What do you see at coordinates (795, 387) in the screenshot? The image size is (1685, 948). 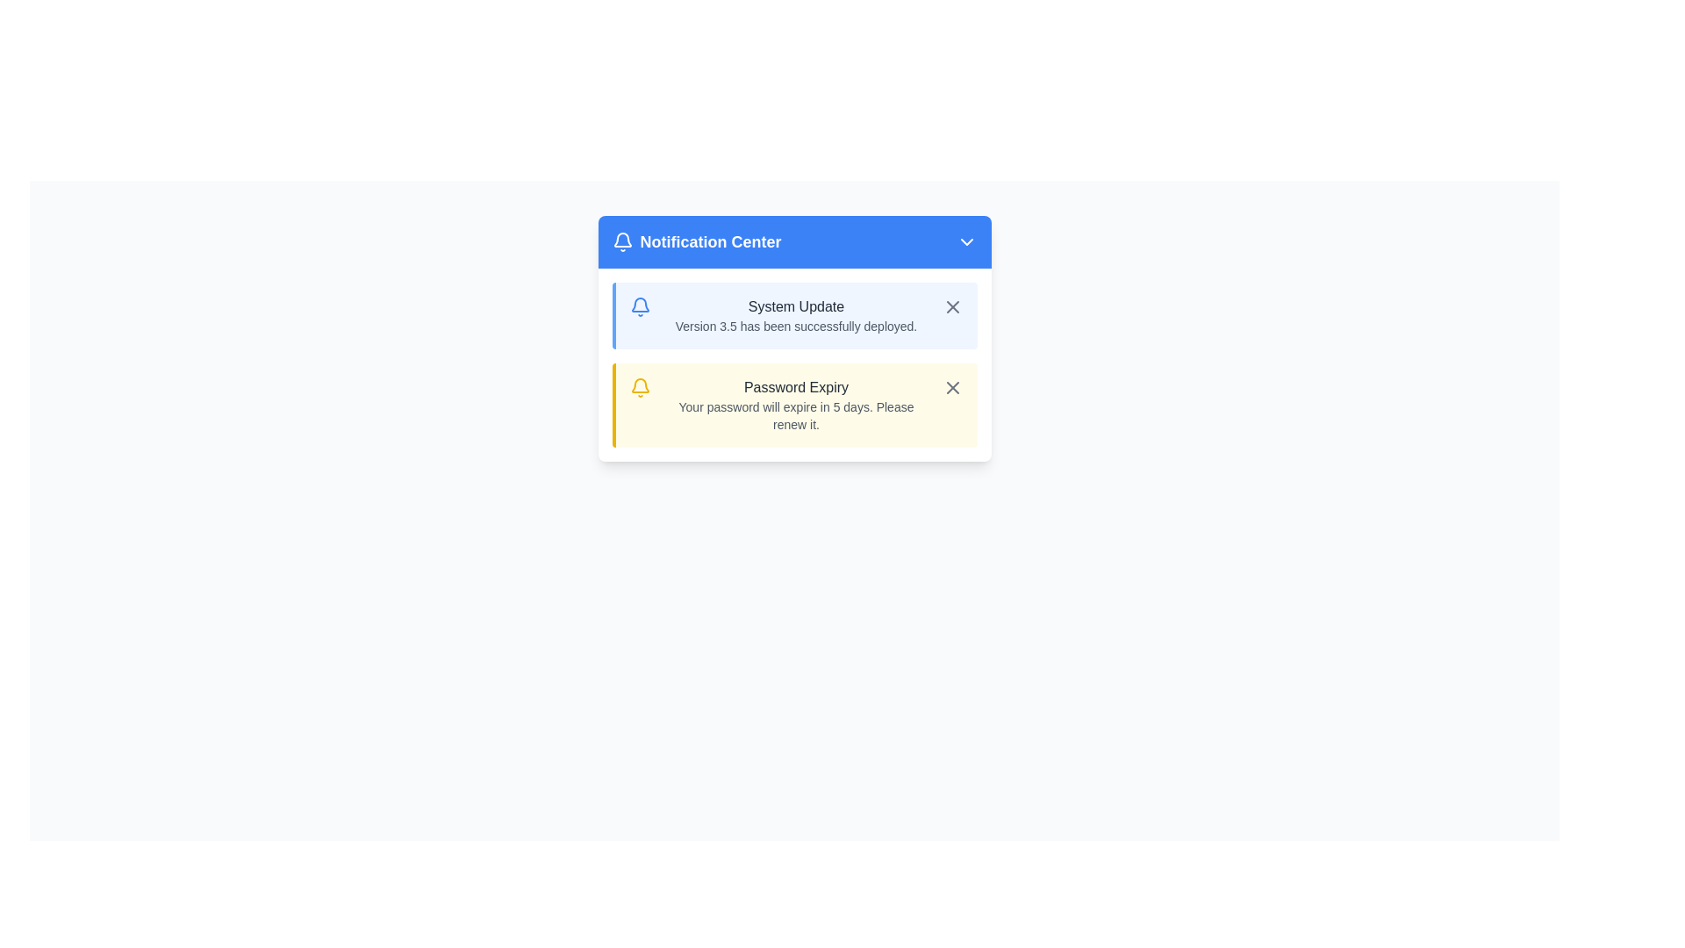 I see `information displayed in the text label that shows 'Password Expiry', which is styled with a medium font weight in dark gray on a light yellow background within the Notification Center` at bounding box center [795, 387].